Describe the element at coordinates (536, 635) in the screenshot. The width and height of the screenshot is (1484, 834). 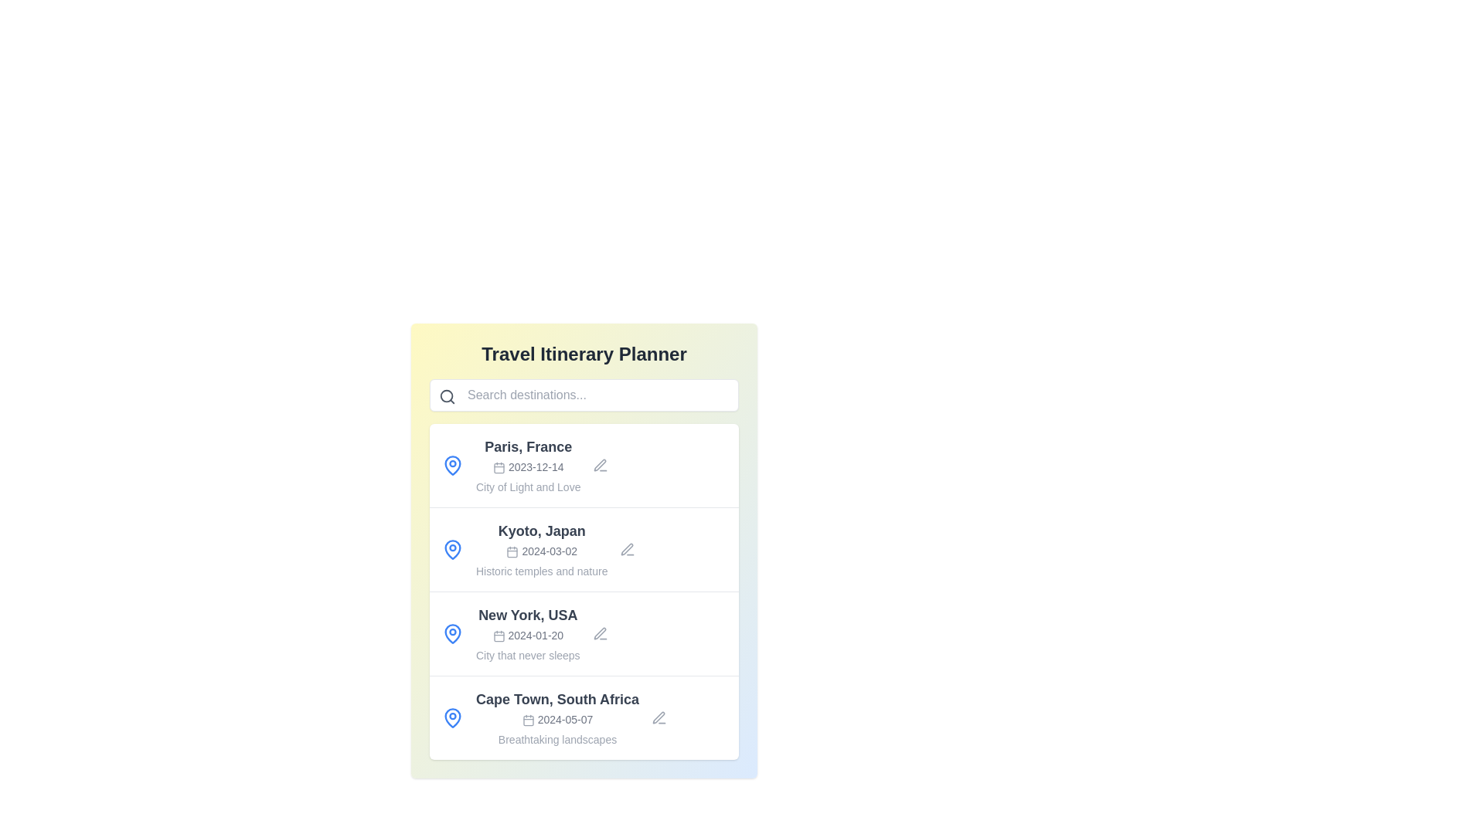
I see `the text label displaying the date '2024-01-20', which is part of the trip details for 'New York, USA', positioned between the calendar icon and the pen/edit icon` at that location.